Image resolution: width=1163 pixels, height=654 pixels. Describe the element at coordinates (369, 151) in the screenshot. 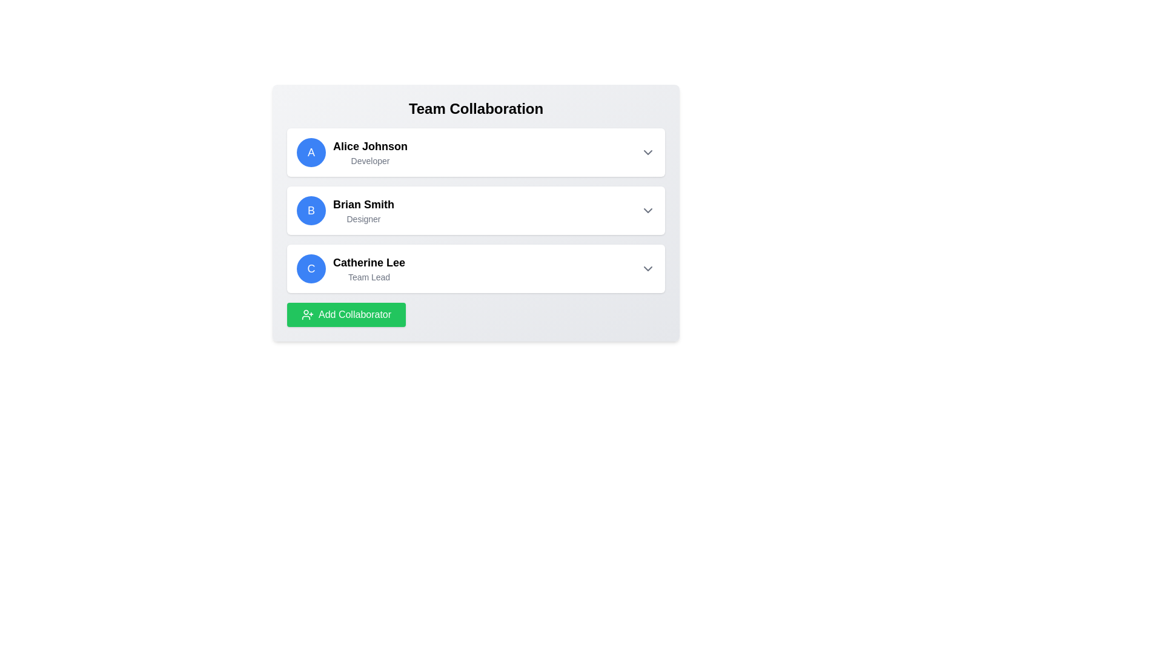

I see `the Text block that displays the name and role of a team member, positioned to the right of a circular blue icon with the letter 'A', as the first item in the vertical list within the 'Team Collaboration' card` at that location.